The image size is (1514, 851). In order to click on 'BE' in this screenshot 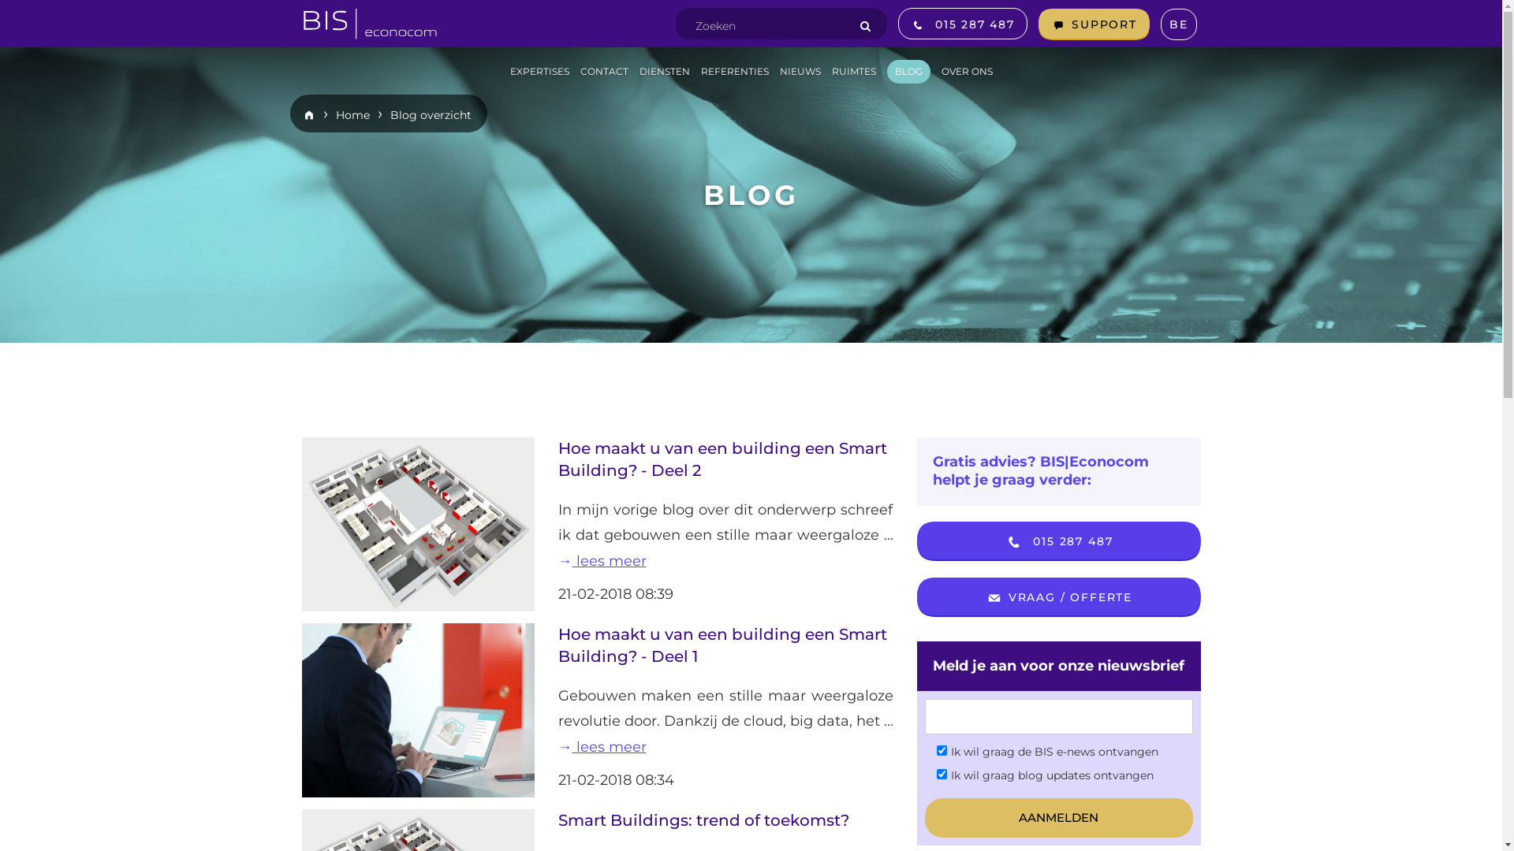, I will do `click(1161, 24)`.